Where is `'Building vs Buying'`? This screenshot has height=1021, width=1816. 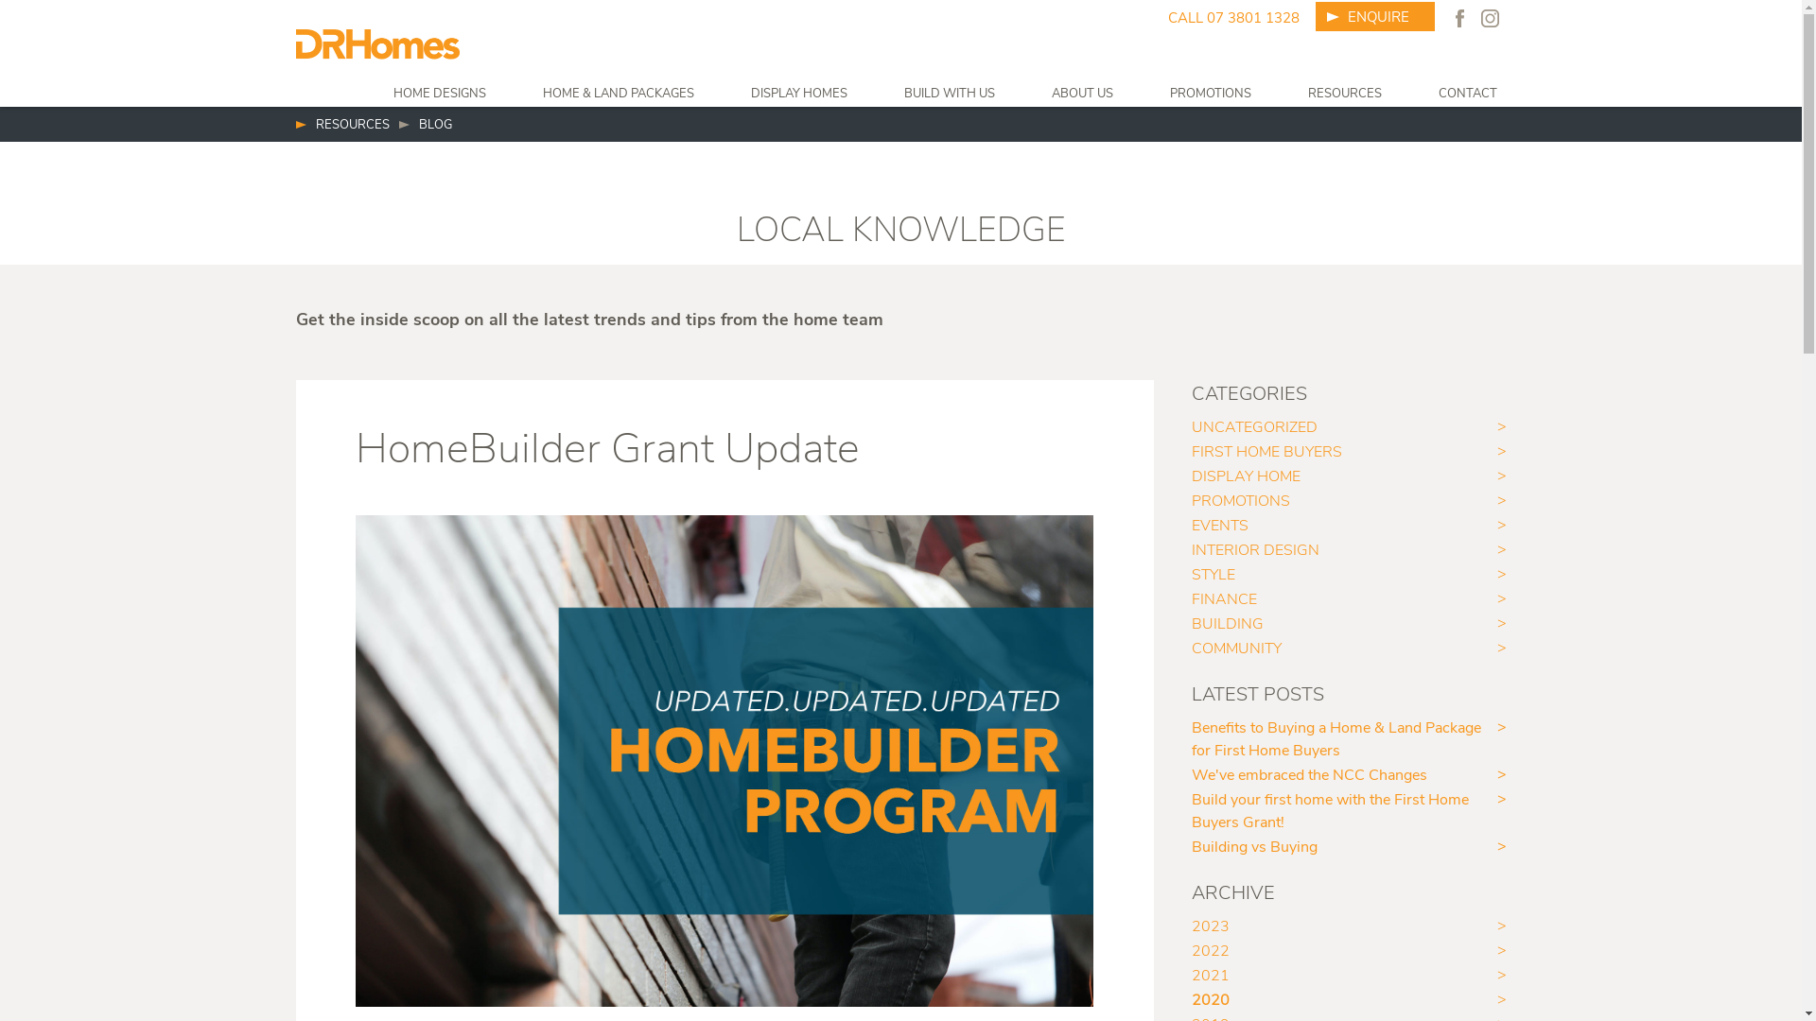
'Building vs Buying' is located at coordinates (1347, 845).